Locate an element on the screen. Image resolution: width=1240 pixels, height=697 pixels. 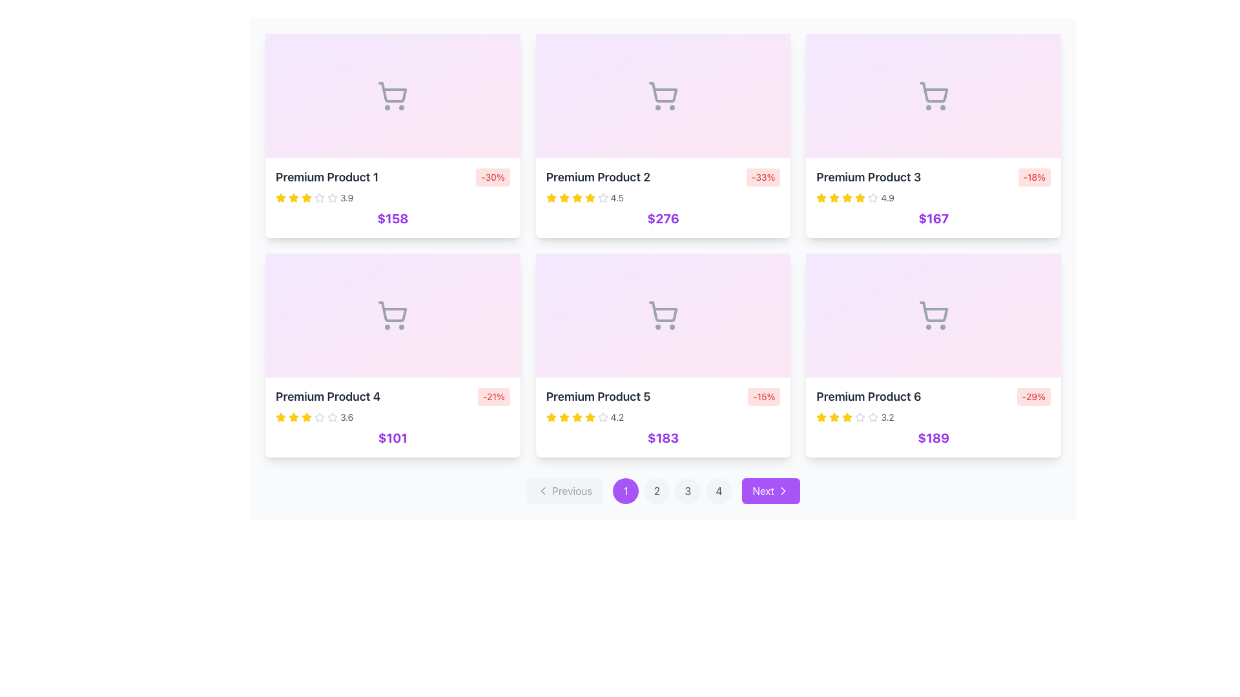
the graphical placeholder representing 'Premium Product 2' located at the top section of the card in the first row and second column of the grid layout is located at coordinates (663, 96).